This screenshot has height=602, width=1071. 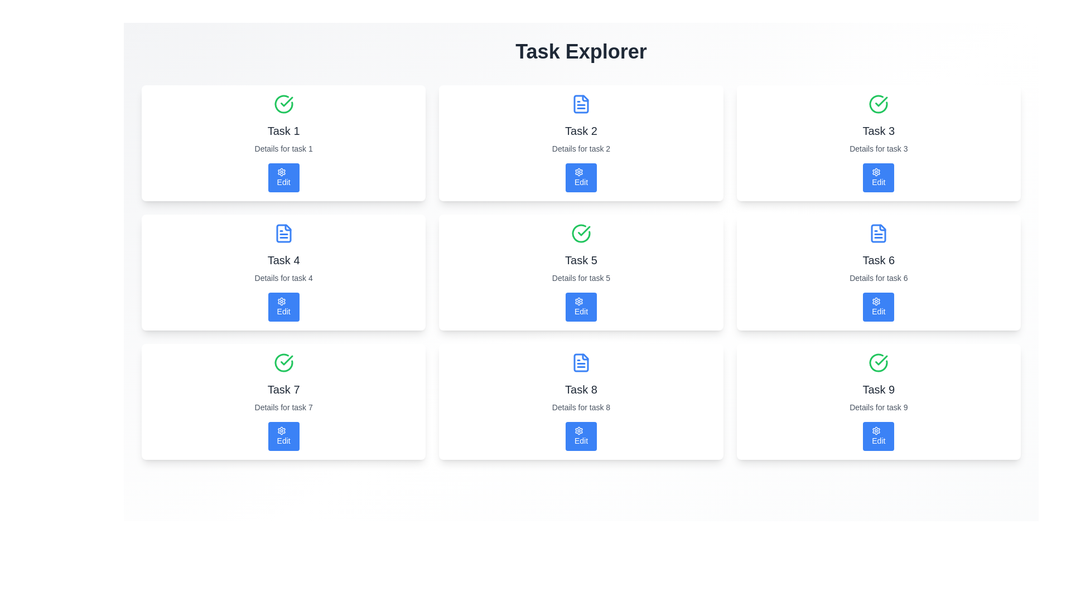 What do you see at coordinates (281, 301) in the screenshot?
I see `the circular blue gear icon located inside the 'Edit' button in the leftmost card of the second row labeled 'Task 4.'` at bounding box center [281, 301].